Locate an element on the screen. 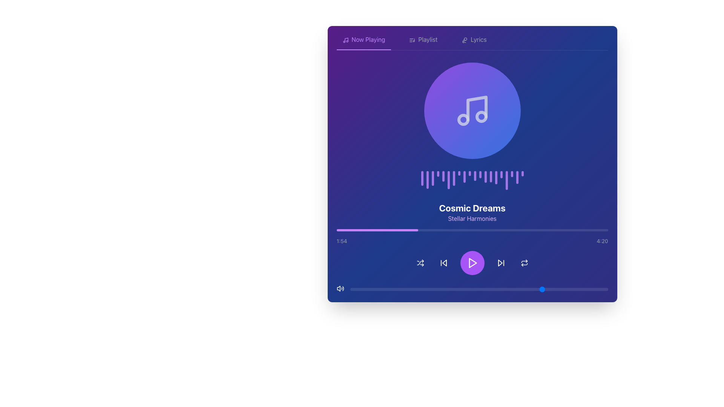  the triangular left-pointing arrow icon, which is part of the 'skip back' icon group located near the bottom center of the interface, just to the left of the play button is located at coordinates (444, 263).